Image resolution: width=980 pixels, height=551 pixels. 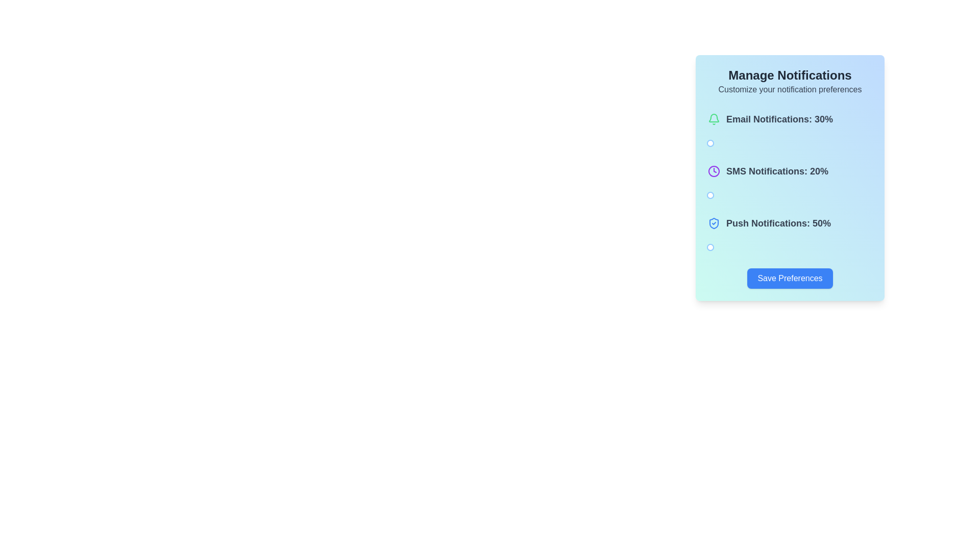 What do you see at coordinates (713, 170) in the screenshot?
I see `the clock icon with a purple outline, located to the left of the text 'SMS Notifications: 20%', for information` at bounding box center [713, 170].